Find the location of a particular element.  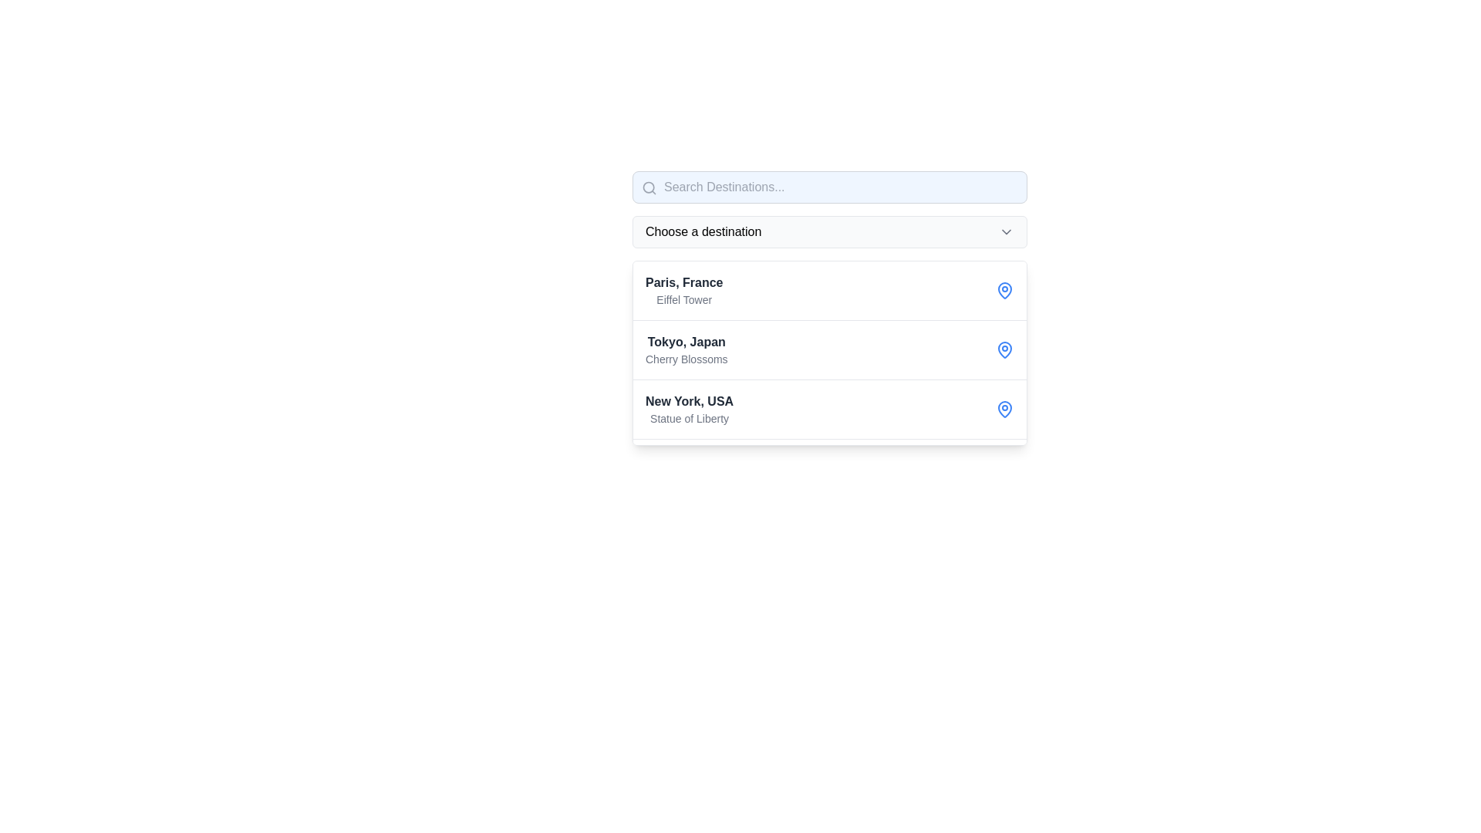

the Text Label indicating the selection of a destination, which is positioned to the left of the dropdown icon is located at coordinates (703, 231).